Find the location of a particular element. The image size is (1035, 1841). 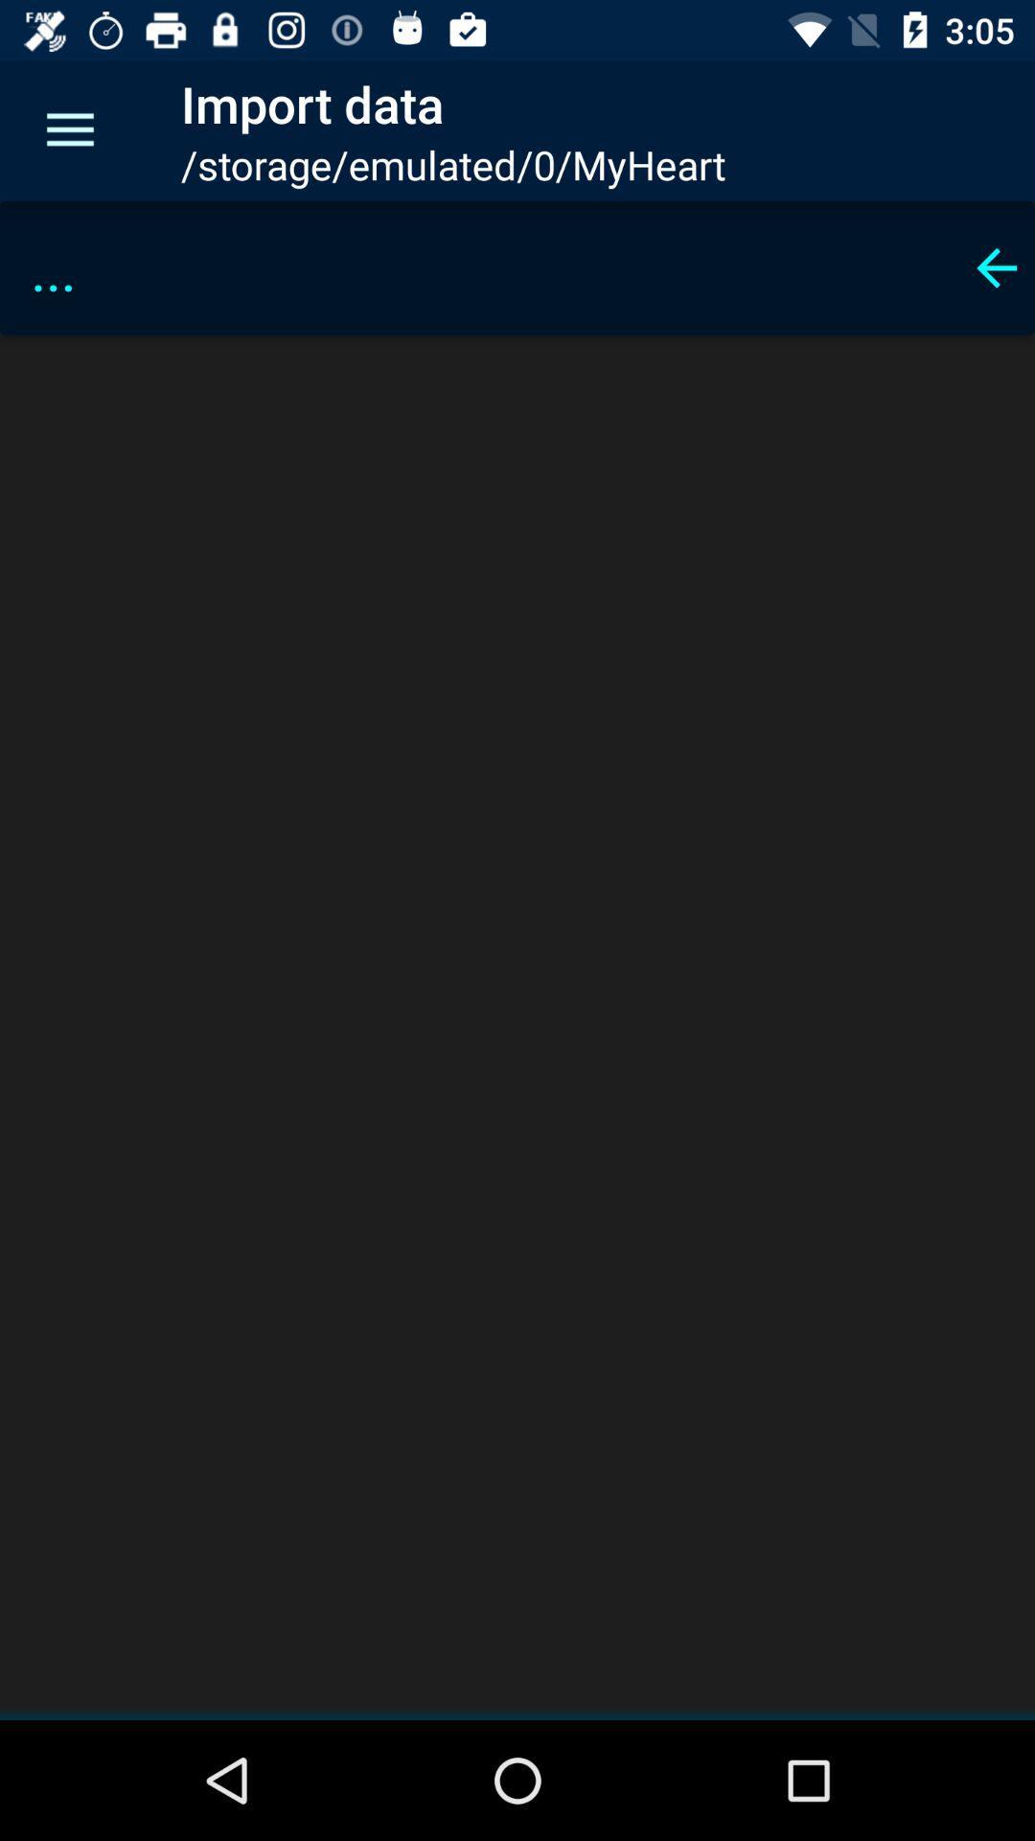

icon above the ... is located at coordinates (69, 129).